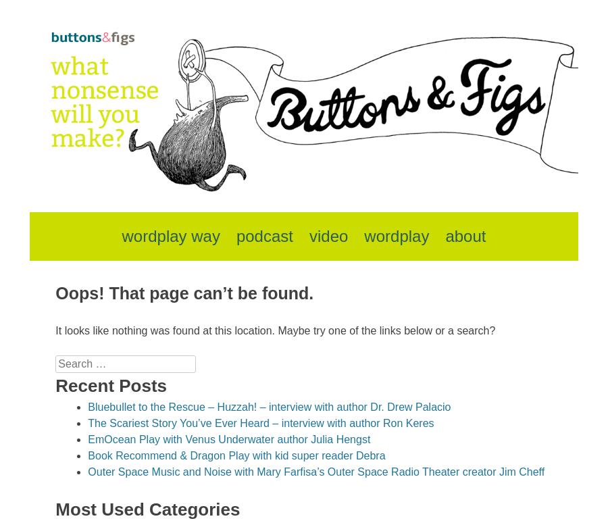  Describe the element at coordinates (183, 293) in the screenshot. I see `'Oops! That page can’t be found.'` at that location.